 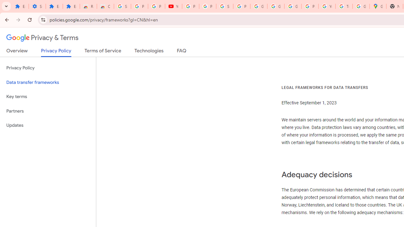 I want to click on 'Reviews: Helix Fruit Jump Arcade Game', so click(x=88, y=6).